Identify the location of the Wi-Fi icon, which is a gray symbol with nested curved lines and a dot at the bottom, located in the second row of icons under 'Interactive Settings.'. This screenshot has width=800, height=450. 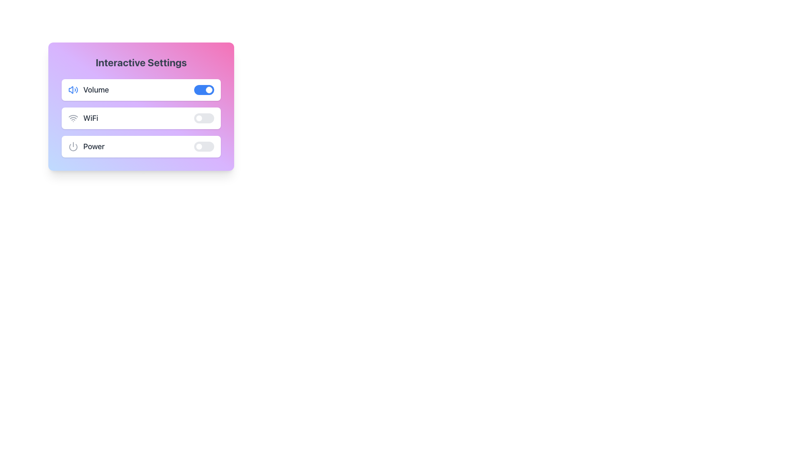
(73, 118).